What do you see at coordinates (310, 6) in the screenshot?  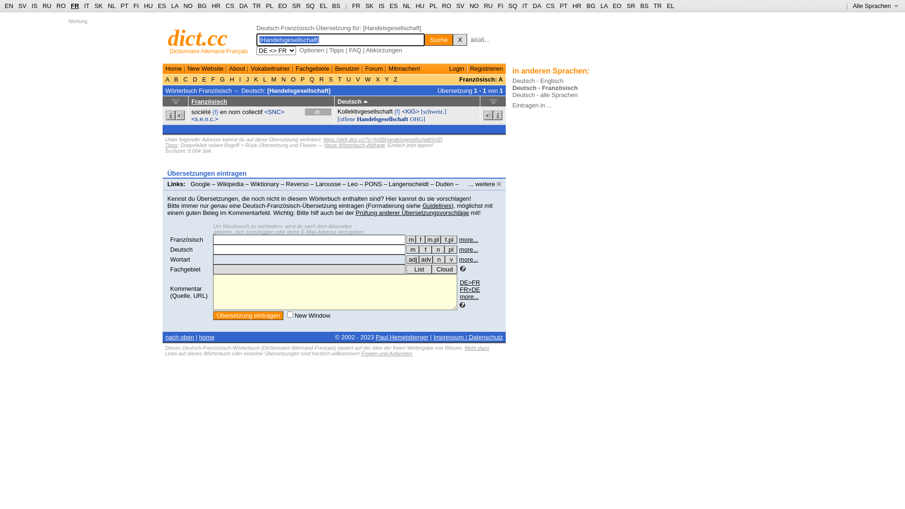 I see `'SQ'` at bounding box center [310, 6].